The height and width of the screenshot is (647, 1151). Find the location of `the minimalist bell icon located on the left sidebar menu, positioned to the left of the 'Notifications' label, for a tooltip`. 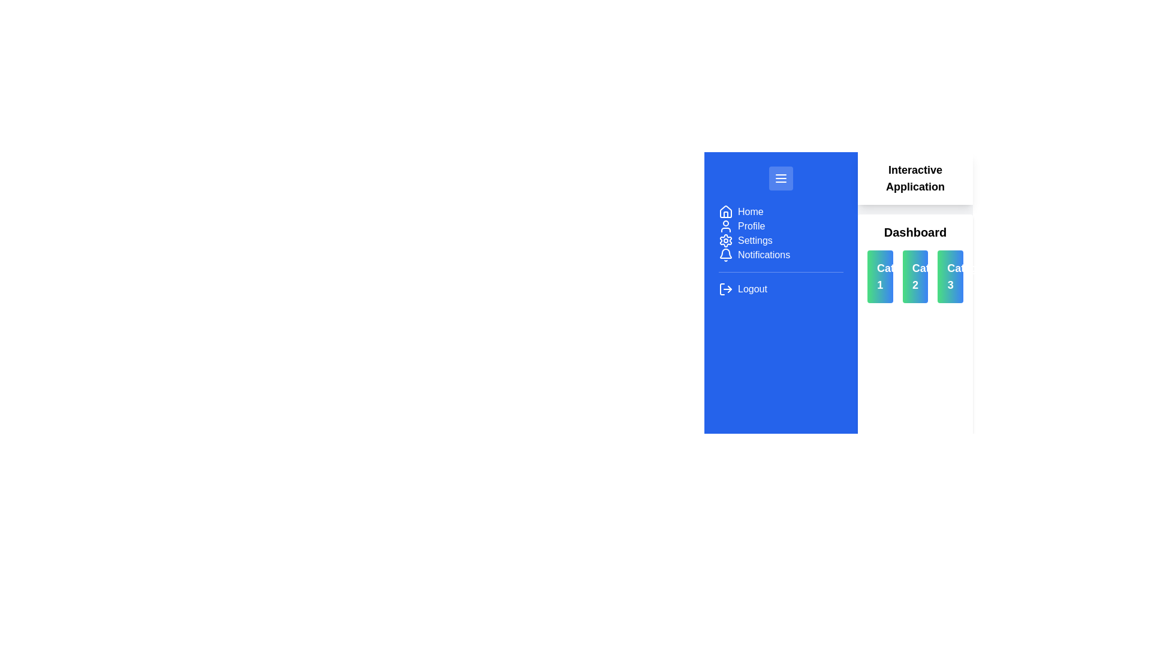

the minimalist bell icon located on the left sidebar menu, positioned to the left of the 'Notifications' label, for a tooltip is located at coordinates (725, 254).